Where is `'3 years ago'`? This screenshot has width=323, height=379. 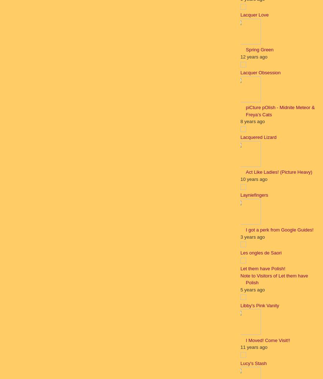
'3 years ago' is located at coordinates (252, 236).